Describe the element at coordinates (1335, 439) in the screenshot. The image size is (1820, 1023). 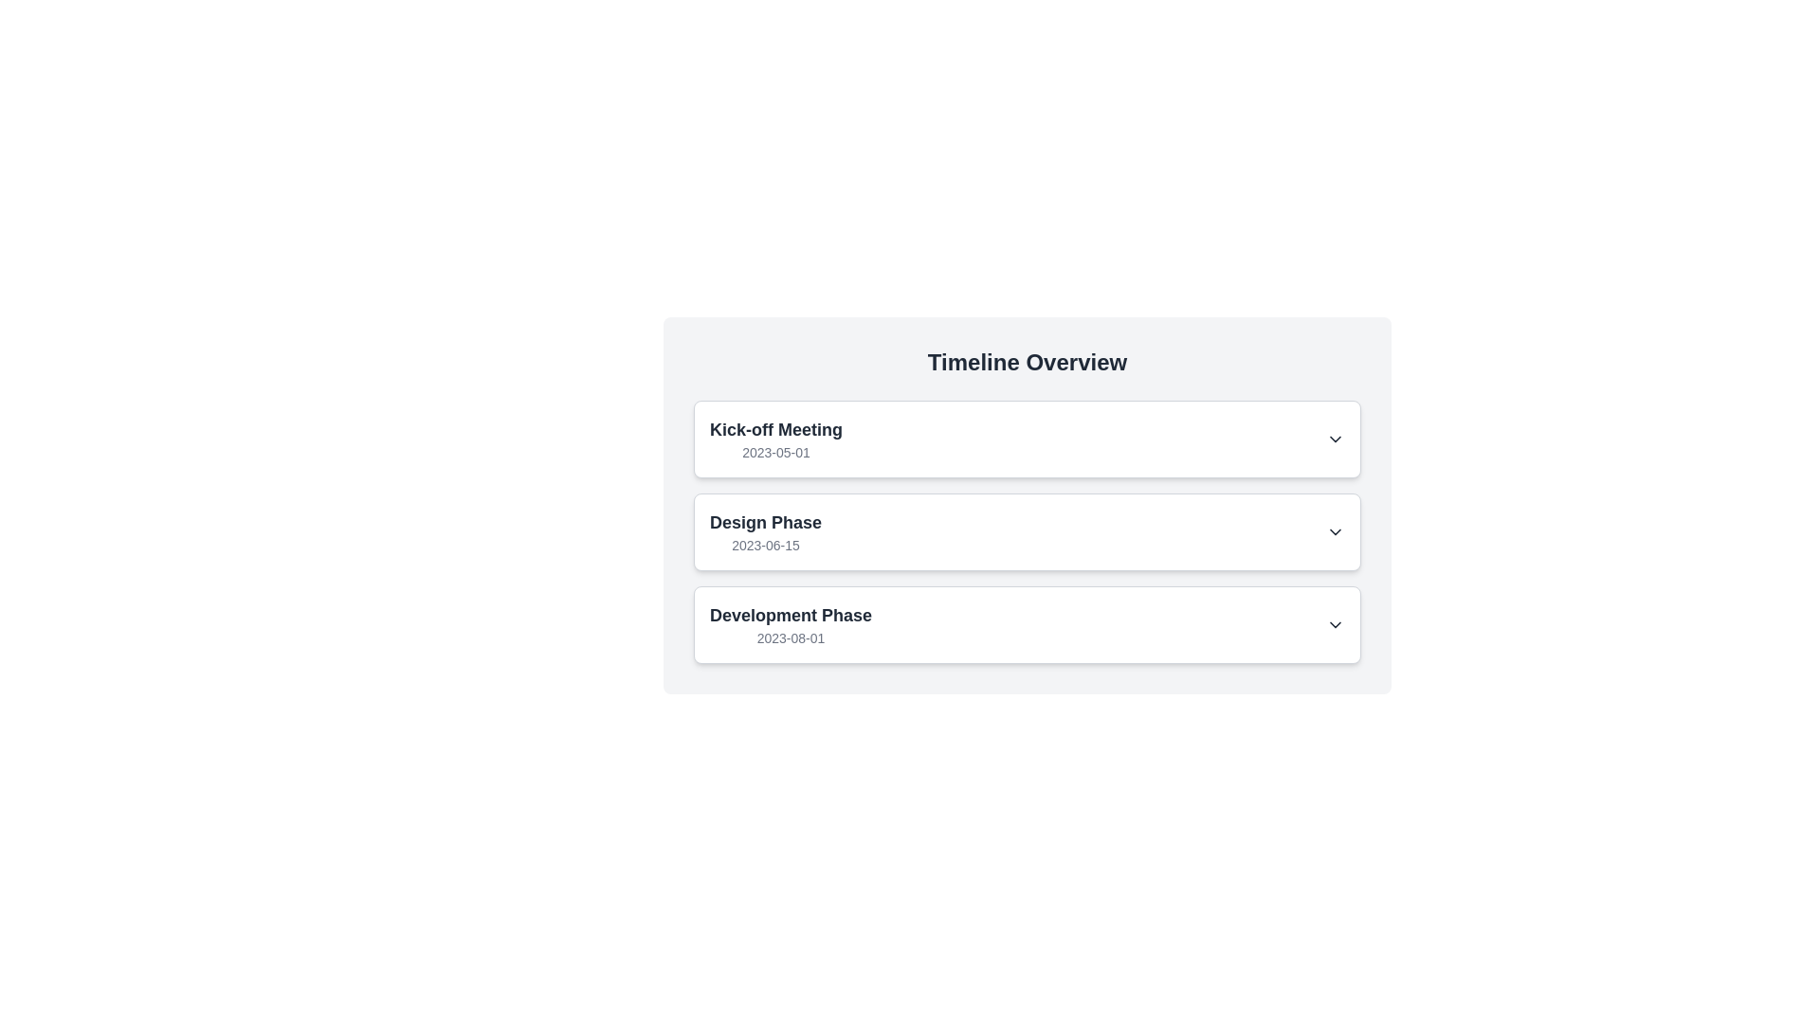
I see `the chevron icon positioned at the rightmost side of the 'Kick-off Meeting' entry` at that location.